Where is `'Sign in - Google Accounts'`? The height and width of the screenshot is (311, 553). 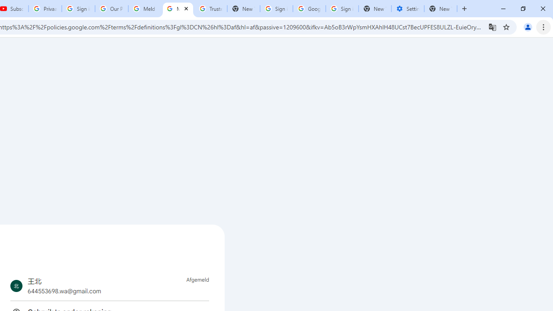 'Sign in - Google Accounts' is located at coordinates (276, 9).